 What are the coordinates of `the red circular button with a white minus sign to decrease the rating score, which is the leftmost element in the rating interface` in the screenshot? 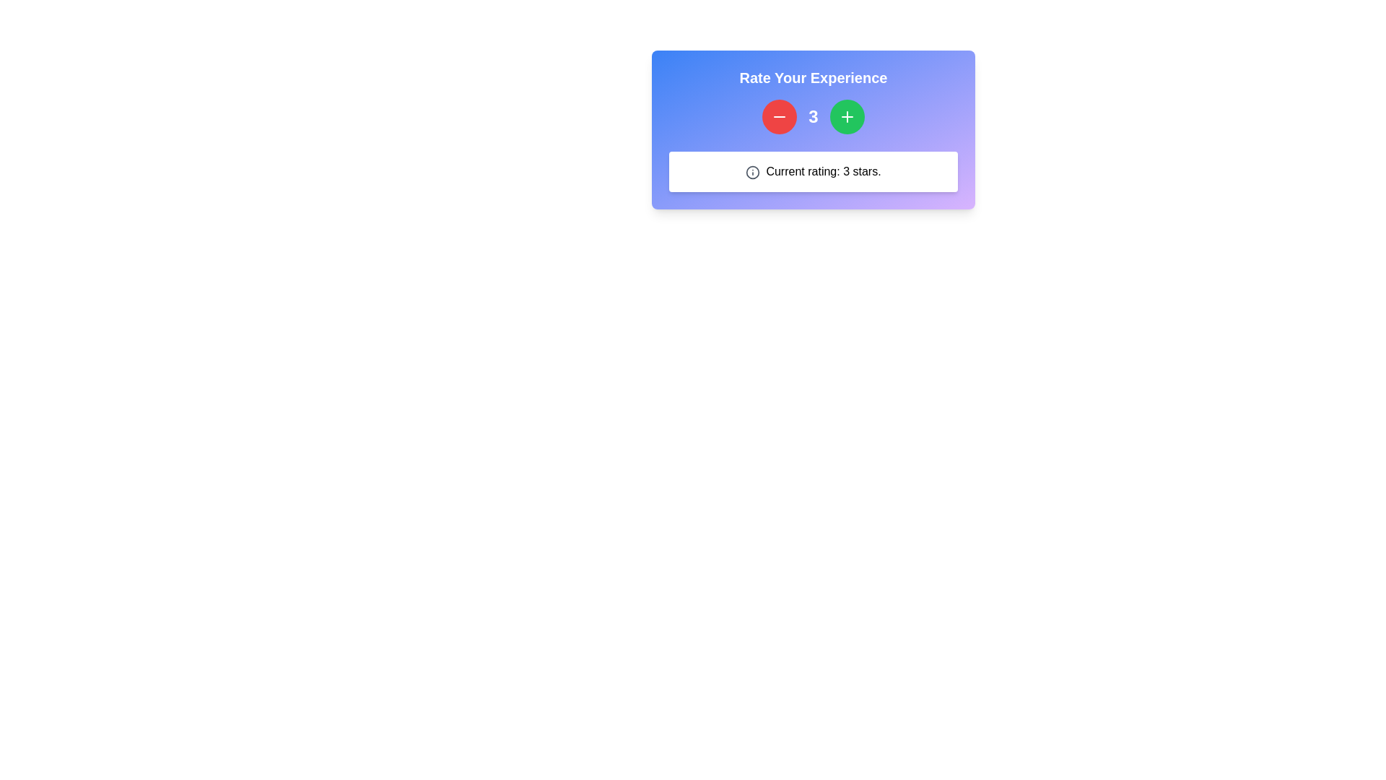 It's located at (779, 116).